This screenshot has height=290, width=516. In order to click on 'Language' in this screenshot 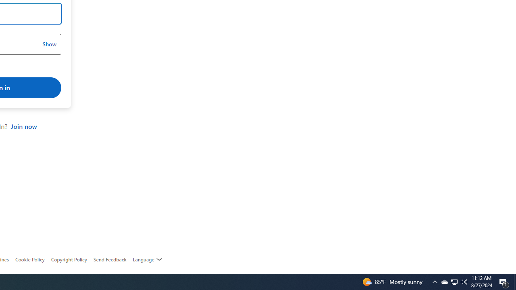, I will do `click(148, 259)`.